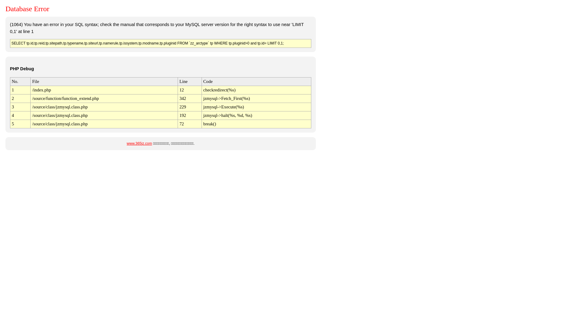 The image size is (582, 327). Describe the element at coordinates (139, 144) in the screenshot. I see `'www.365jz.com'` at that location.